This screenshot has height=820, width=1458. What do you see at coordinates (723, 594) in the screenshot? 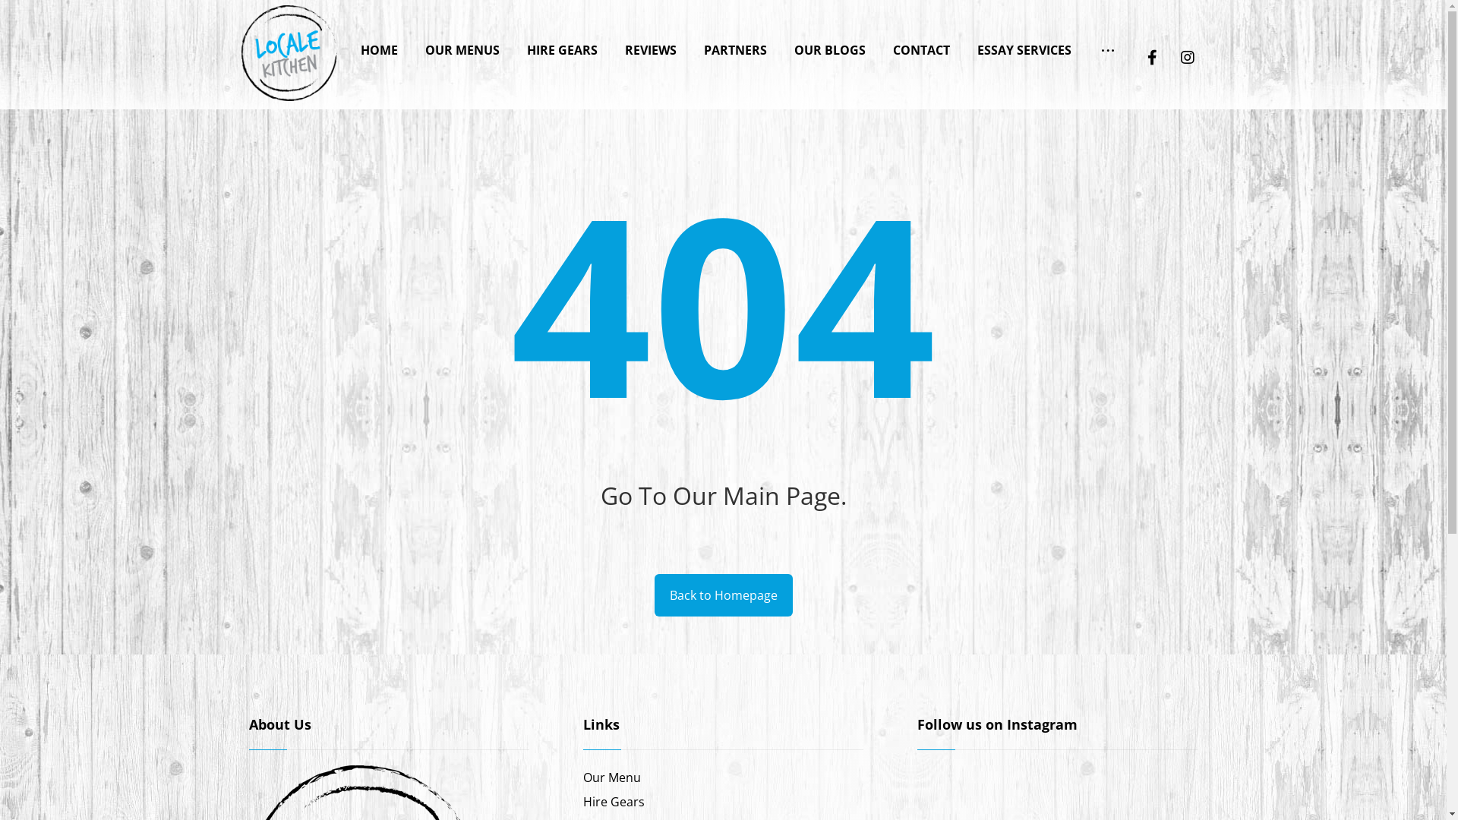
I see `'Back to Homepage'` at bounding box center [723, 594].